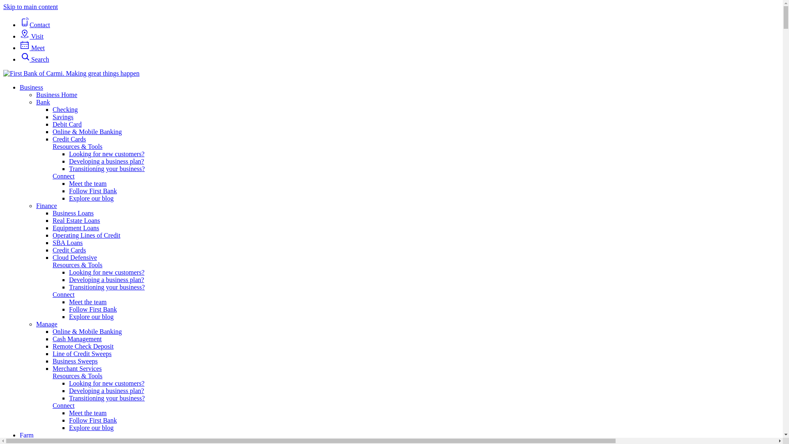  What do you see at coordinates (43, 102) in the screenshot?
I see `'Bank'` at bounding box center [43, 102].